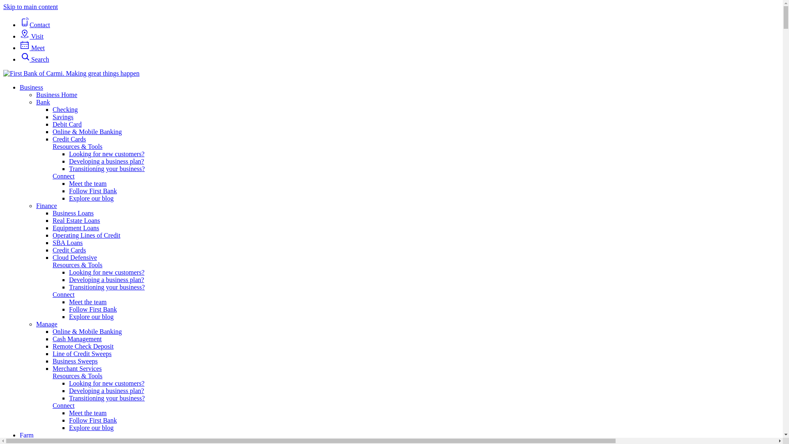  What do you see at coordinates (43, 102) in the screenshot?
I see `'Bank'` at bounding box center [43, 102].